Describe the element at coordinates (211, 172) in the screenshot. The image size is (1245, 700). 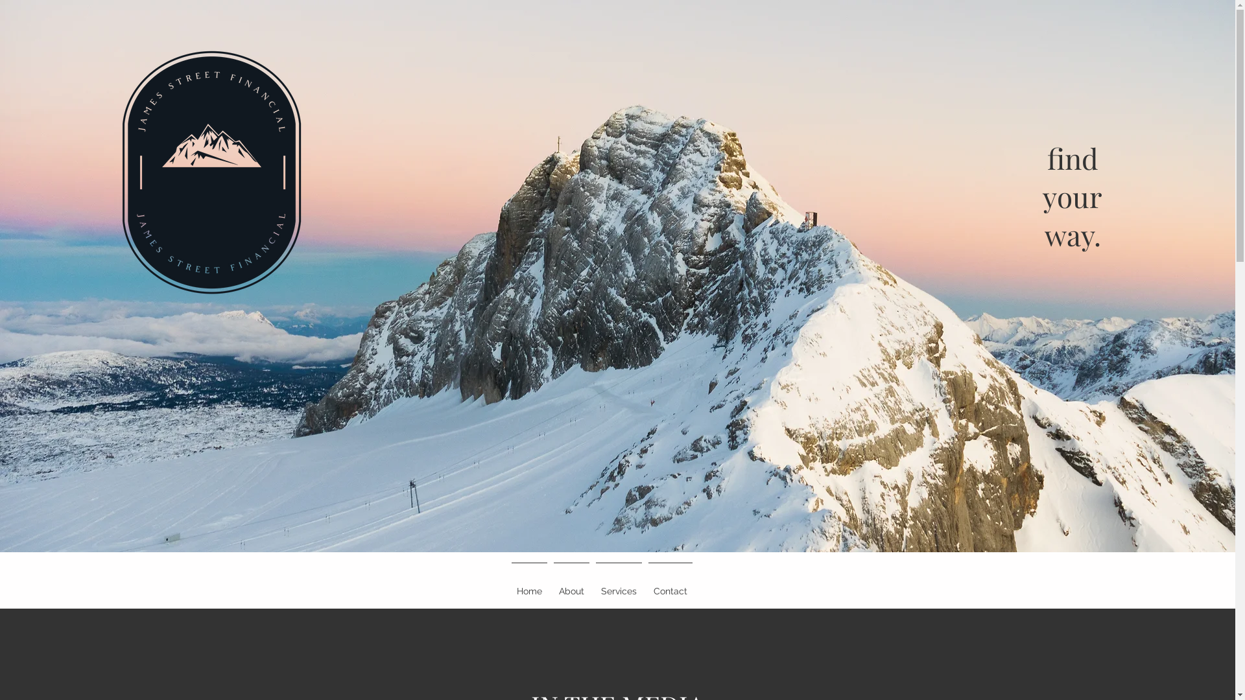
I see `'full_margin_transparent_customcolor.png'` at that location.